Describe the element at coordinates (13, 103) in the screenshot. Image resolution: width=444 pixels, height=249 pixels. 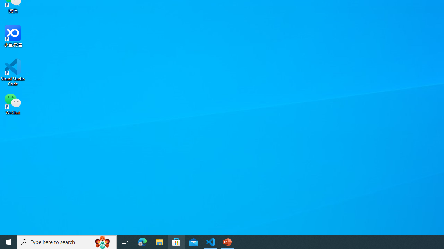
I see `'WeChat'` at that location.